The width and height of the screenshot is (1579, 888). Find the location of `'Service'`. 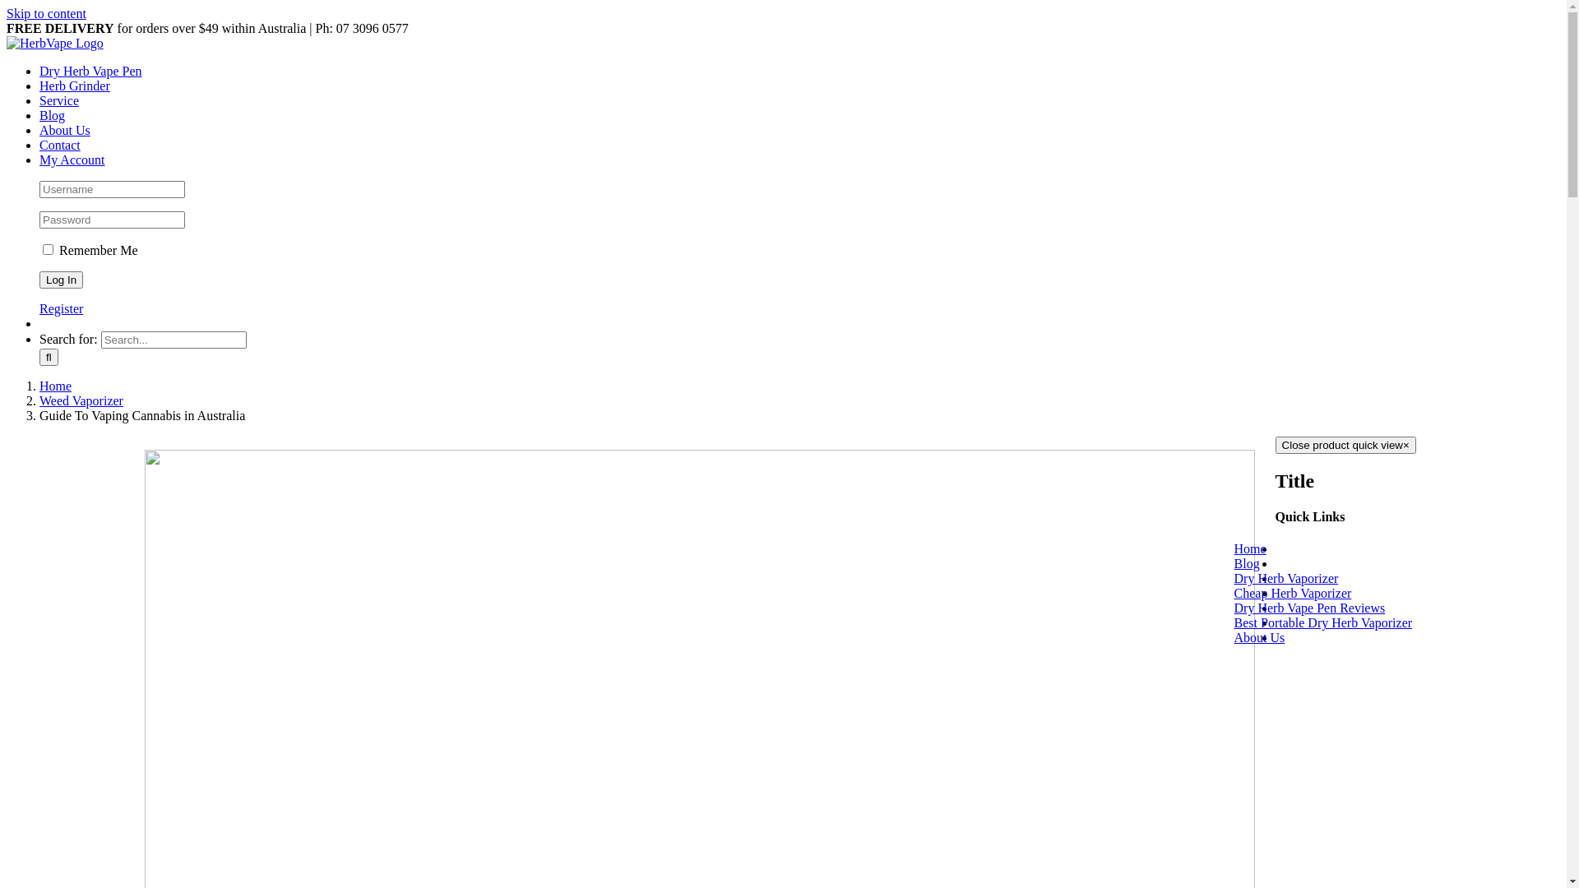

'Service' is located at coordinates (59, 100).